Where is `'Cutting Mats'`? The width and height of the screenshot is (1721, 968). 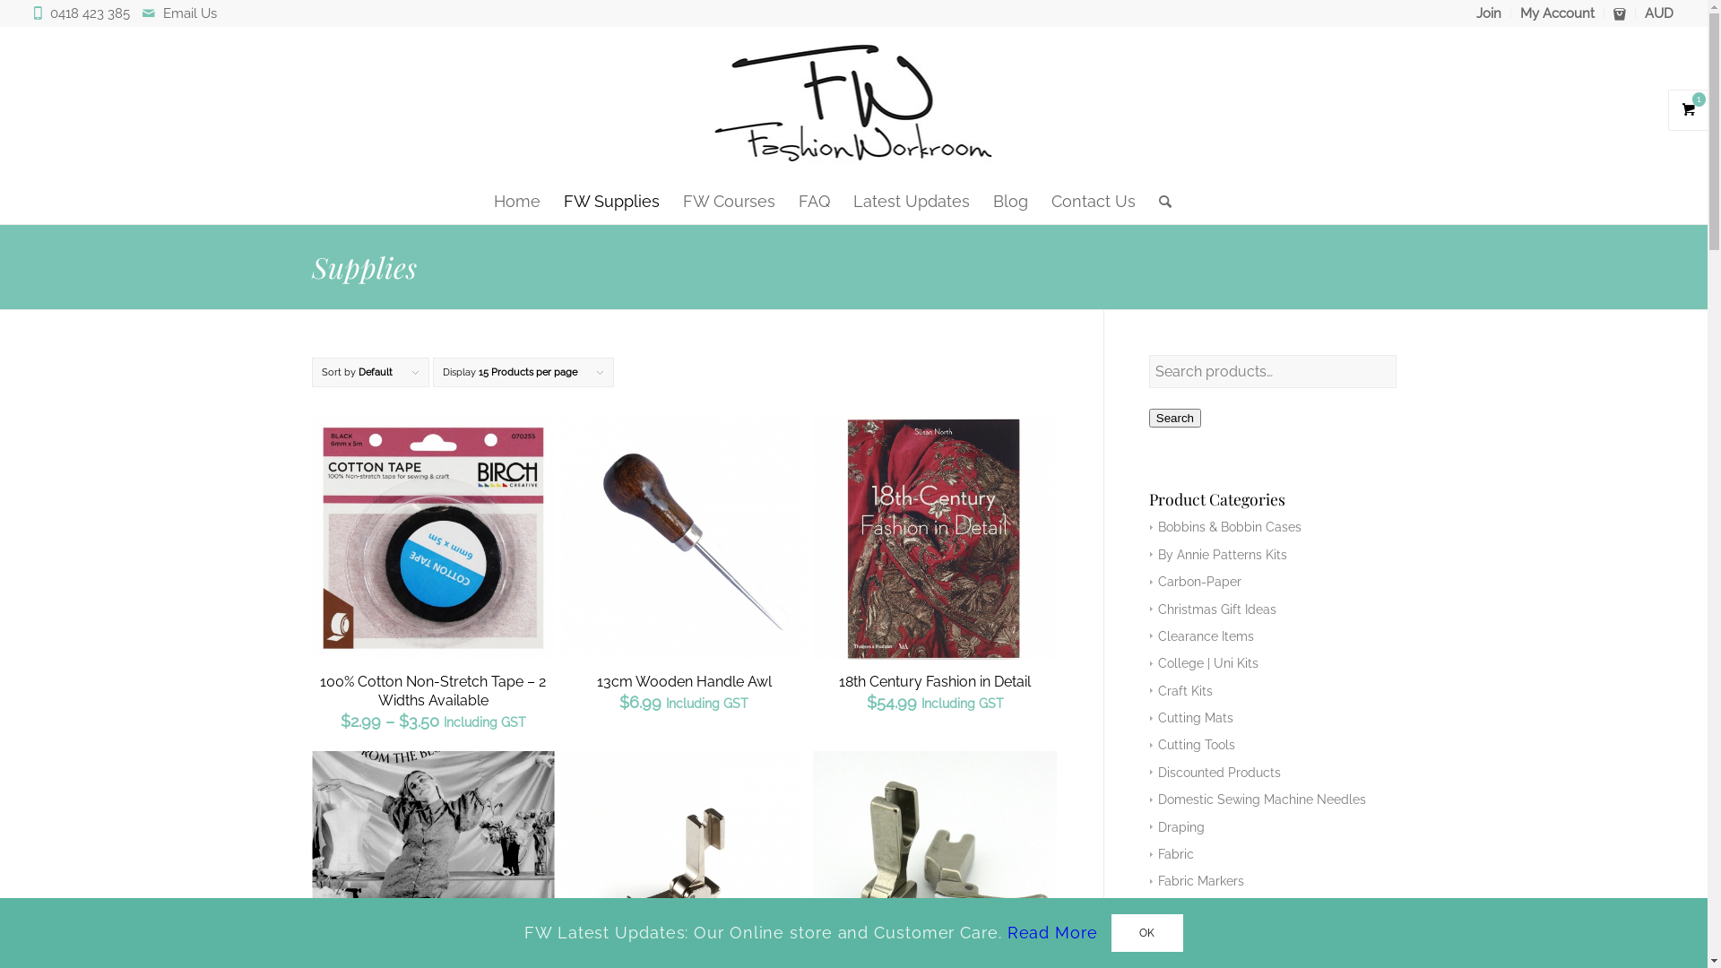
'Cutting Mats' is located at coordinates (1149, 717).